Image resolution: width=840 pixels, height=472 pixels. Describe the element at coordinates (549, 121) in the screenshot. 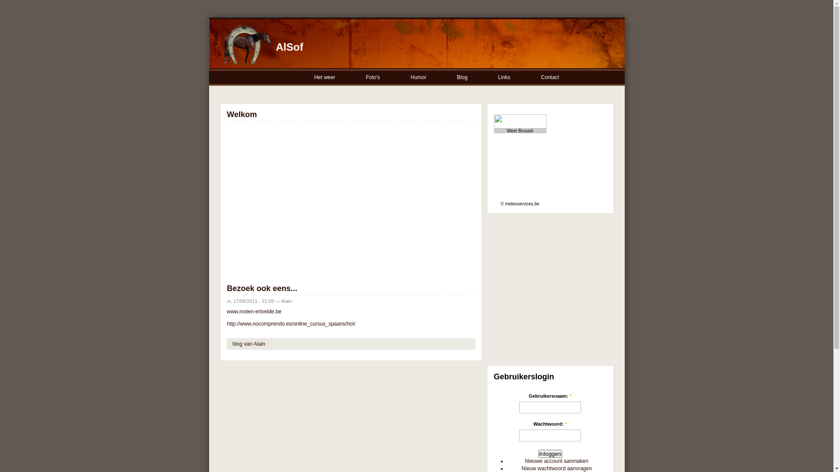

I see `'Your weather service'` at that location.